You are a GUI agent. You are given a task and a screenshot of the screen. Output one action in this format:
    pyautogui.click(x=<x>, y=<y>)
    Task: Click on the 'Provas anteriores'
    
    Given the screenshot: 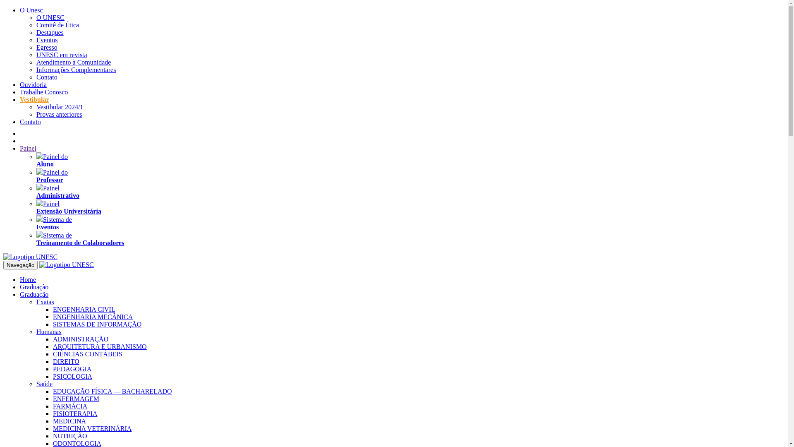 What is the action you would take?
    pyautogui.click(x=59, y=114)
    